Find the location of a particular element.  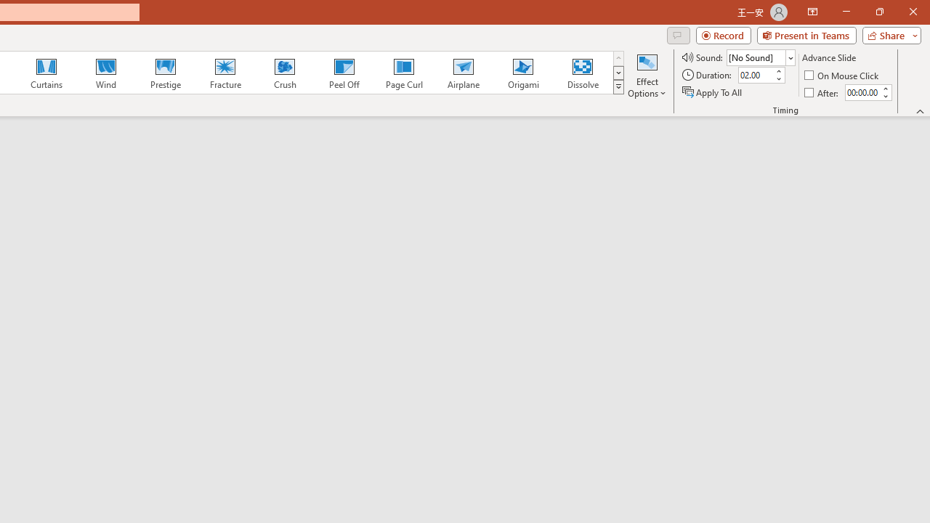

'Origami' is located at coordinates (523, 73).